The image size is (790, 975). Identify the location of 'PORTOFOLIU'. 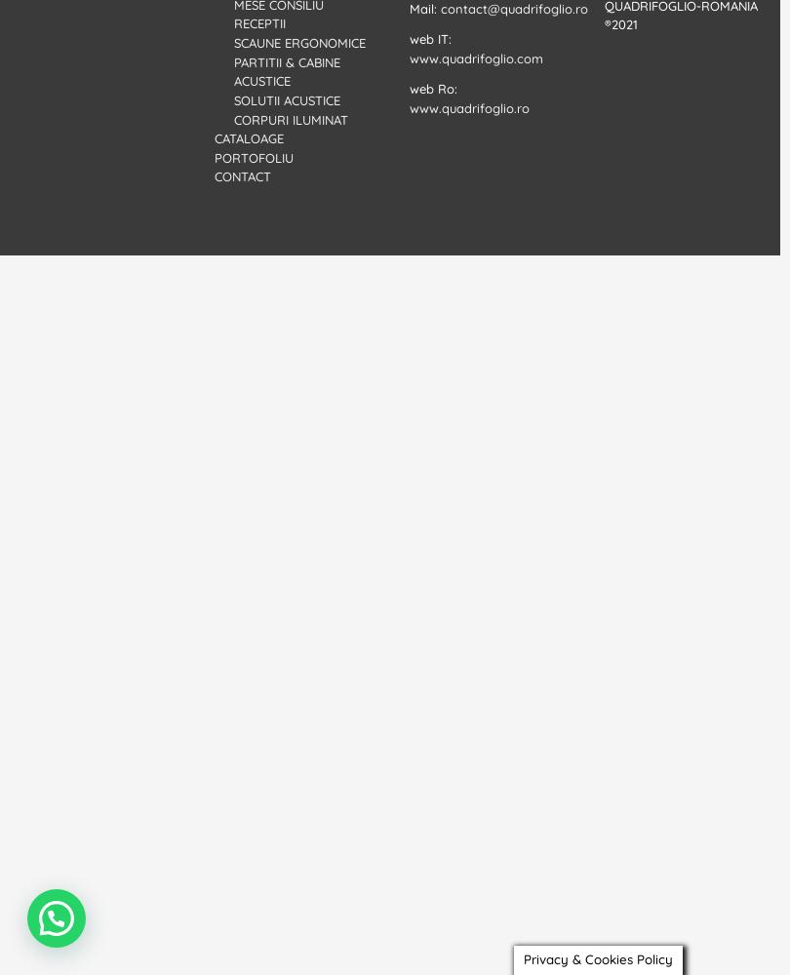
(253, 157).